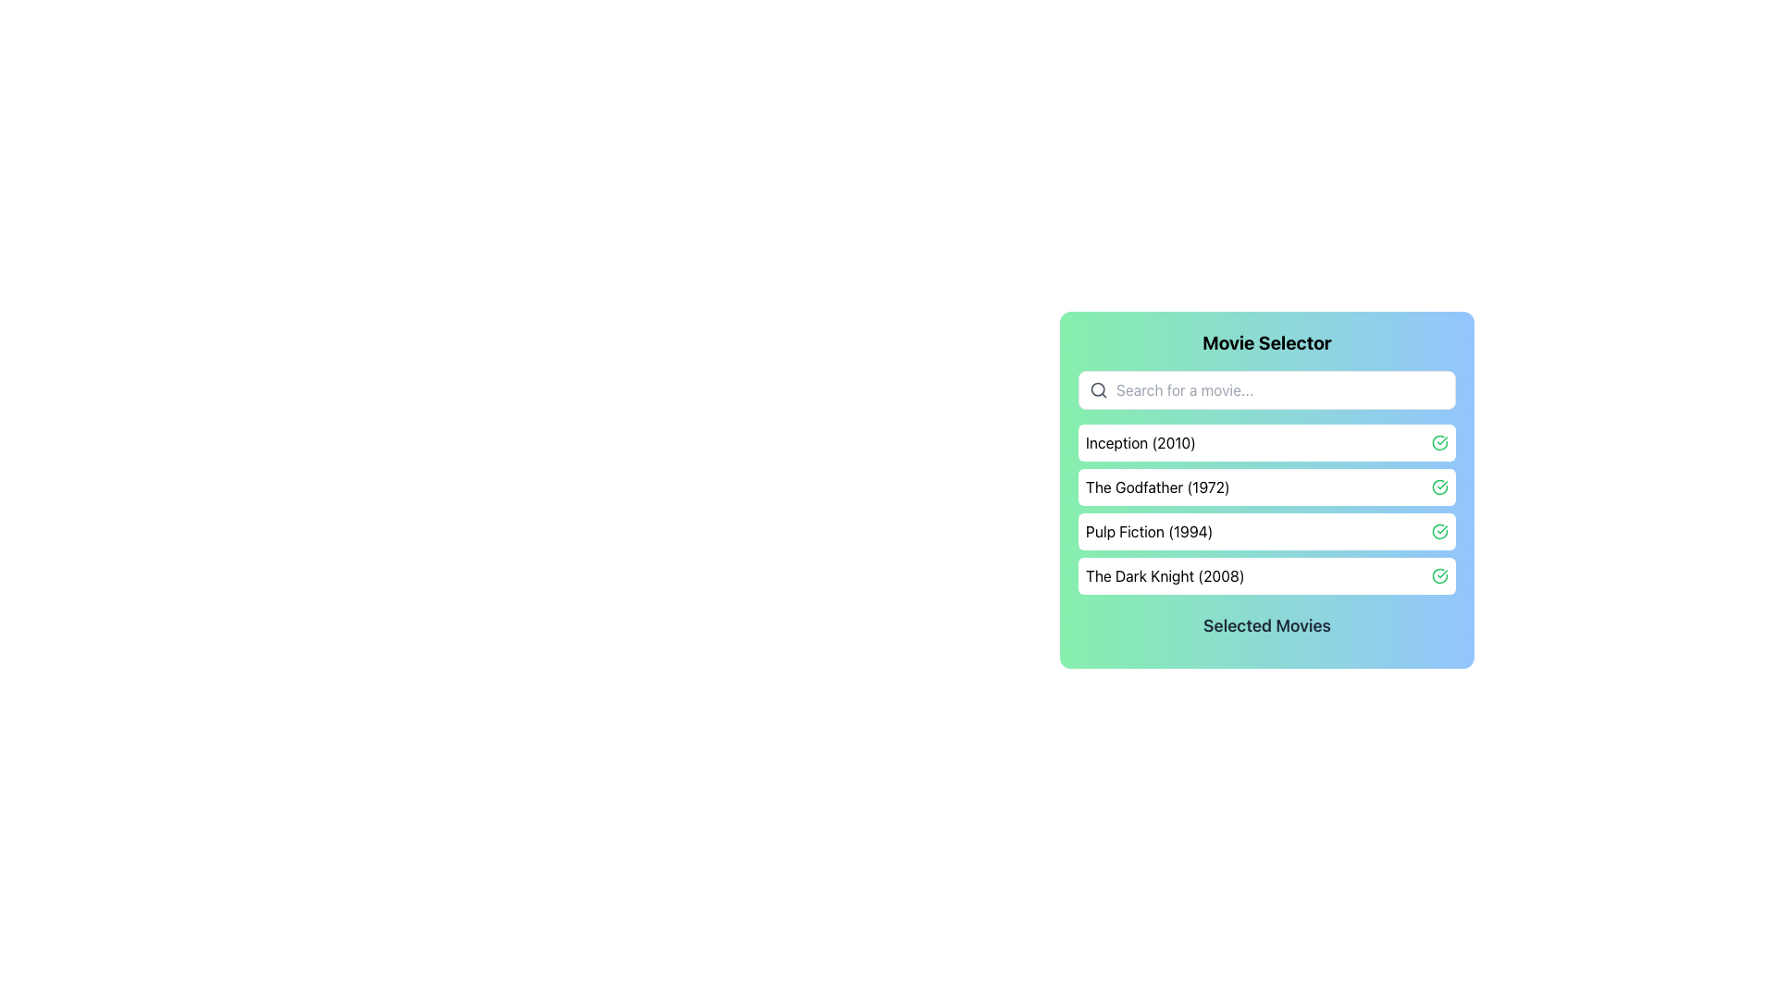  Describe the element at coordinates (1438, 487) in the screenshot. I see `the checkmark icon inside a green circle, located to the far-right of the row for 'The Godfather (1972)'` at that location.